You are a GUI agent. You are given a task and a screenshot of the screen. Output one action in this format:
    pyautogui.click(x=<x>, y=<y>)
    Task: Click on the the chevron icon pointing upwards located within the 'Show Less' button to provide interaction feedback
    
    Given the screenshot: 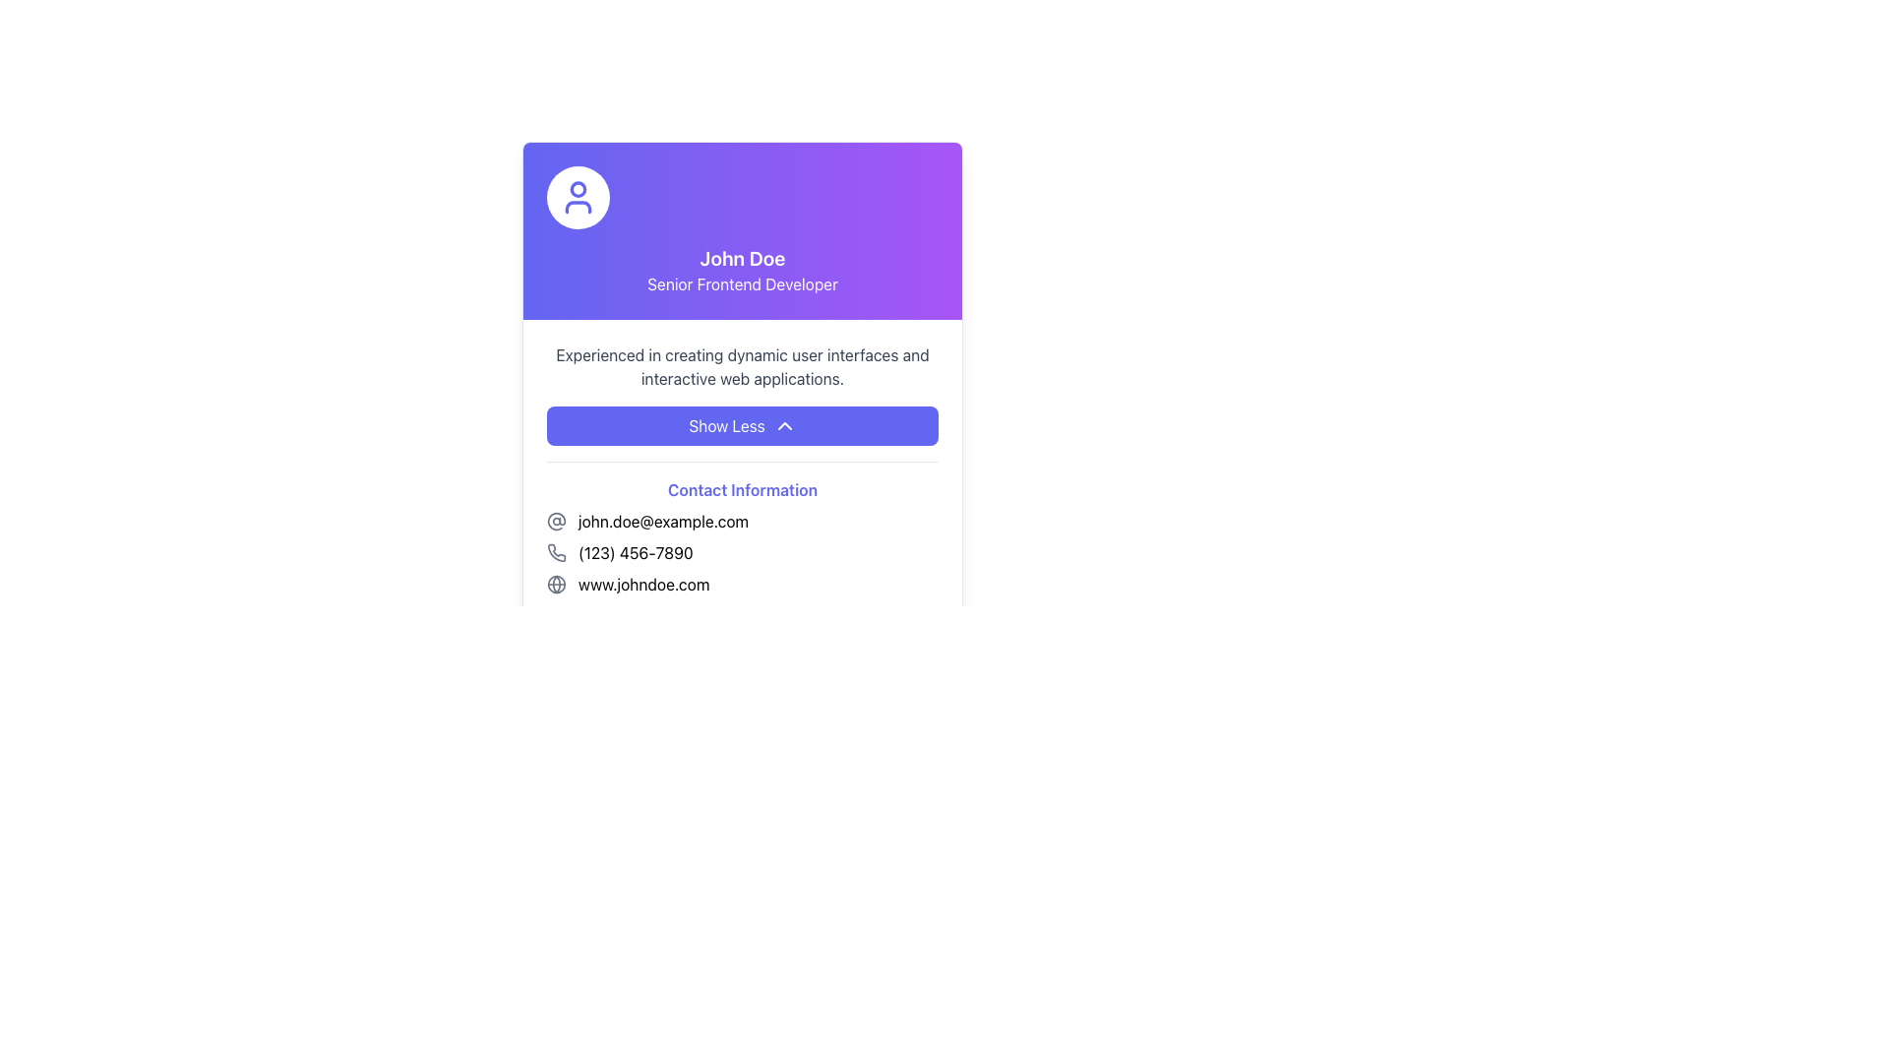 What is the action you would take?
    pyautogui.click(x=783, y=424)
    